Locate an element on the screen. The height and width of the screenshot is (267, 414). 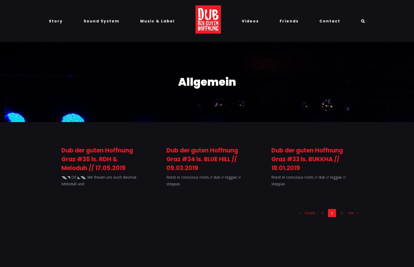
'1' is located at coordinates (322, 213).